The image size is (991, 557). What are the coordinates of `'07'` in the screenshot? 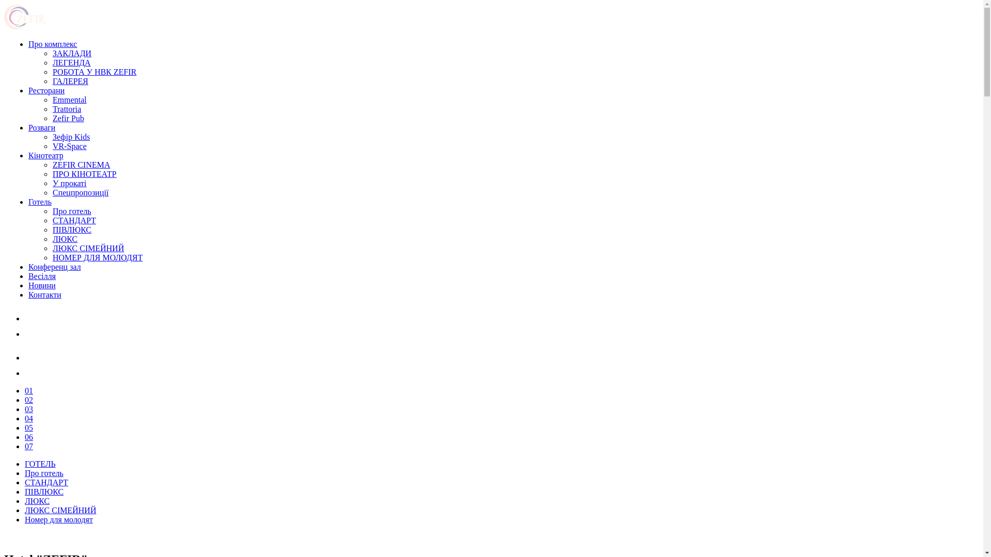 It's located at (29, 446).